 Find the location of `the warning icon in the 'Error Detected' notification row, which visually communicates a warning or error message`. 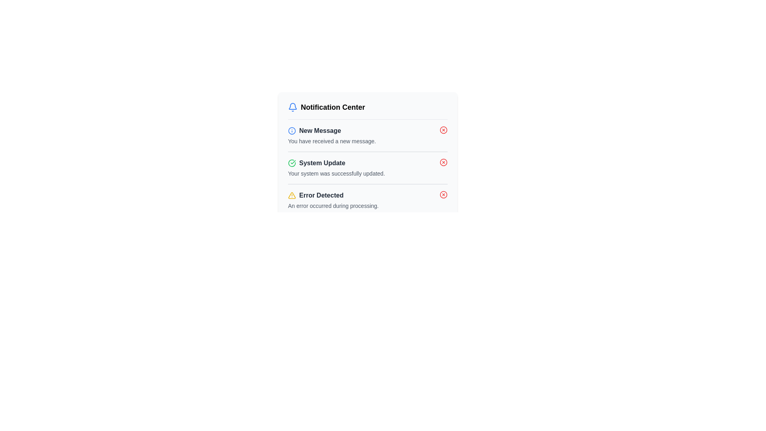

the warning icon in the 'Error Detected' notification row, which visually communicates a warning or error message is located at coordinates (291, 195).